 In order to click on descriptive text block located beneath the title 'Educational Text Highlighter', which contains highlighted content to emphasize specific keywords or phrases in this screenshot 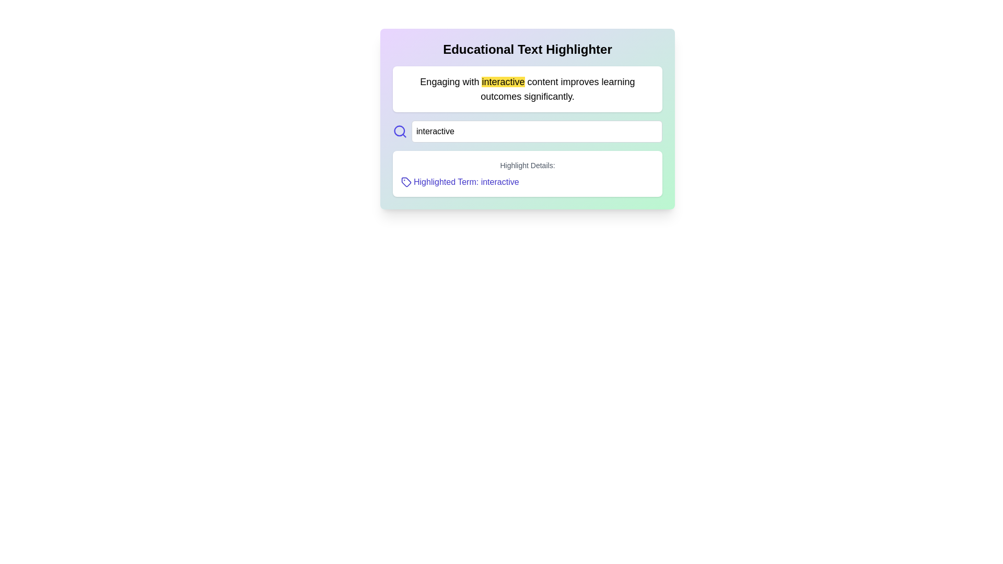, I will do `click(527, 88)`.